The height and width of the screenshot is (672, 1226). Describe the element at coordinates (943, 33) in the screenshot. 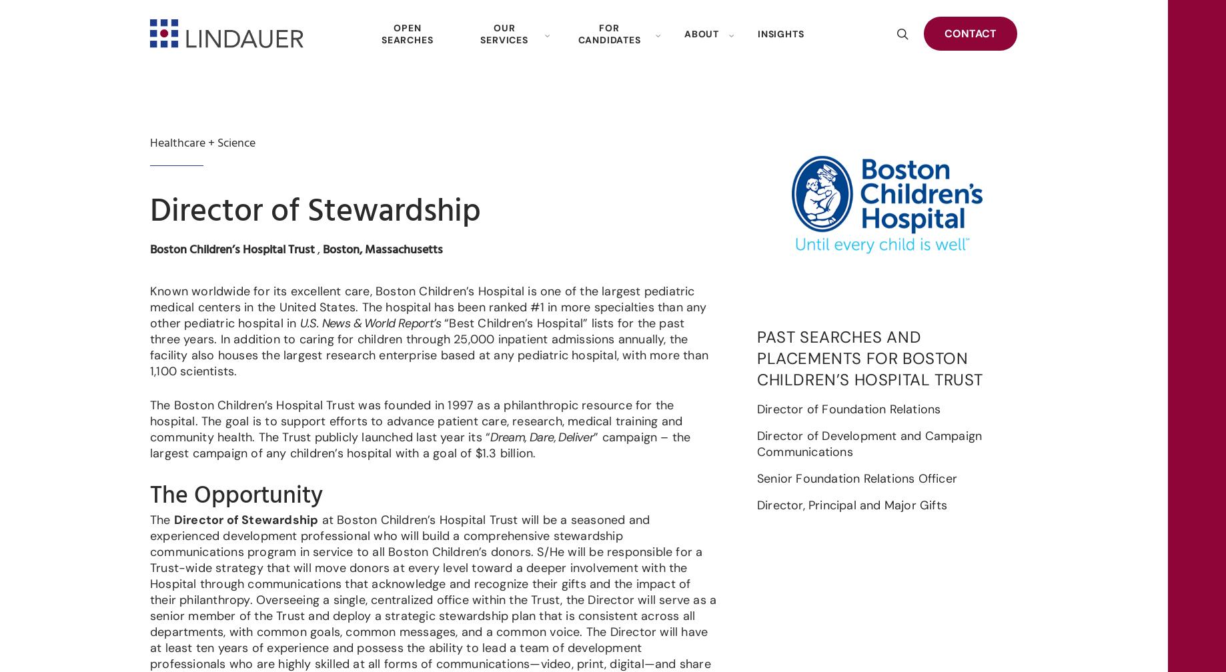

I see `'Contact'` at that location.